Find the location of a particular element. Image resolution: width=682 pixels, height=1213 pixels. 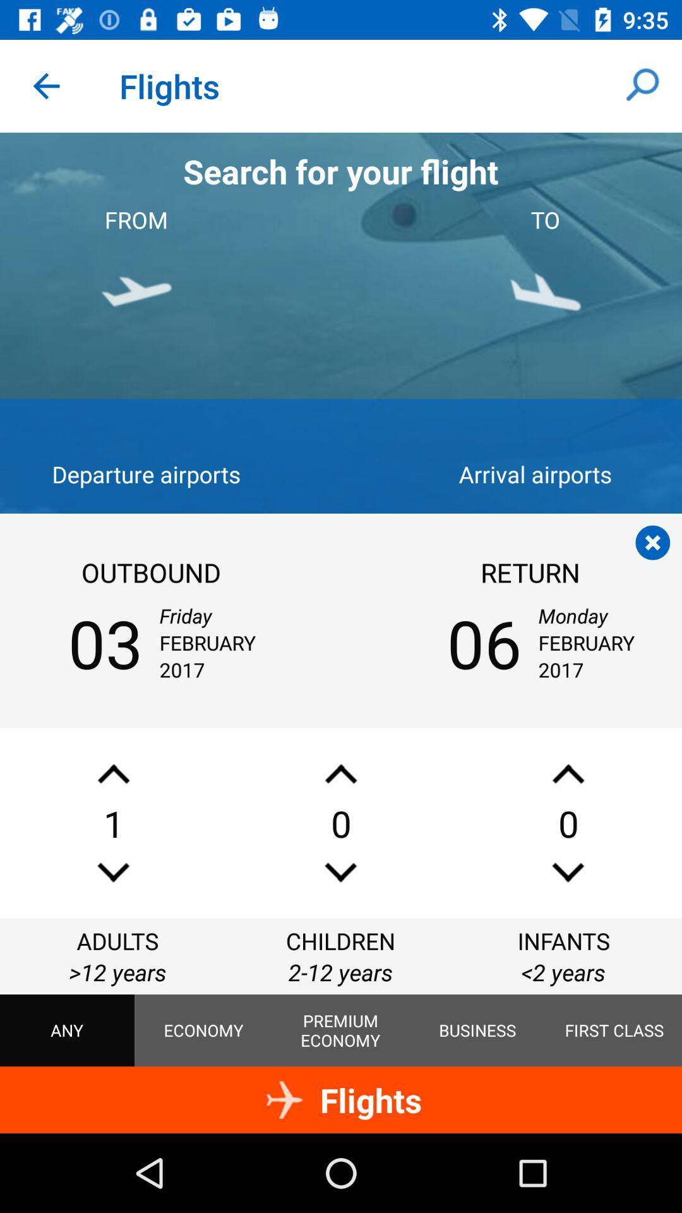

any is located at coordinates (67, 1030).